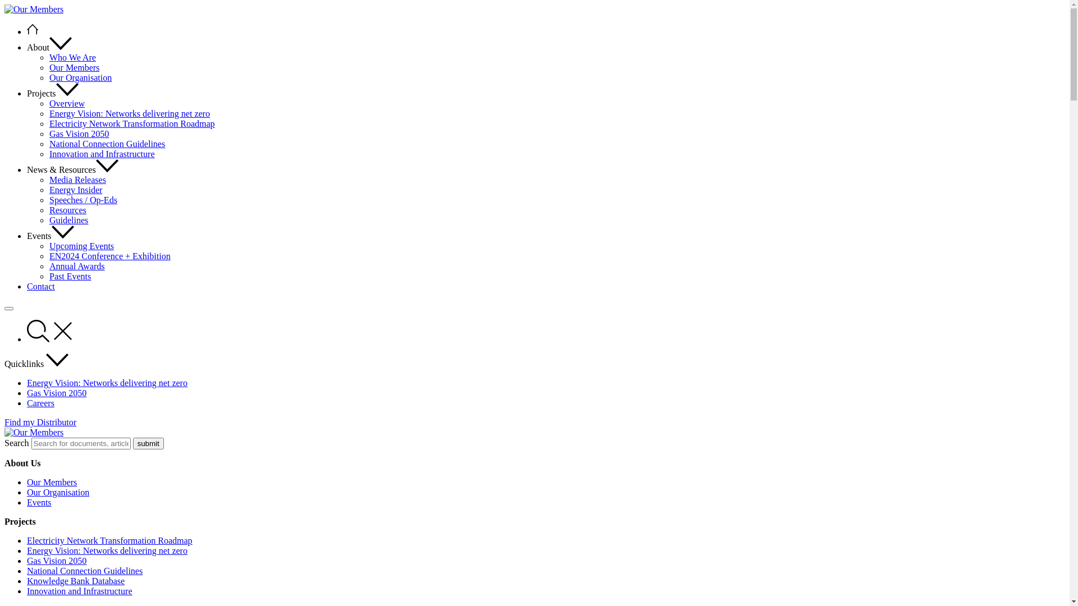 Image resolution: width=1078 pixels, height=606 pixels. What do you see at coordinates (72, 57) in the screenshot?
I see `'Who We Are'` at bounding box center [72, 57].